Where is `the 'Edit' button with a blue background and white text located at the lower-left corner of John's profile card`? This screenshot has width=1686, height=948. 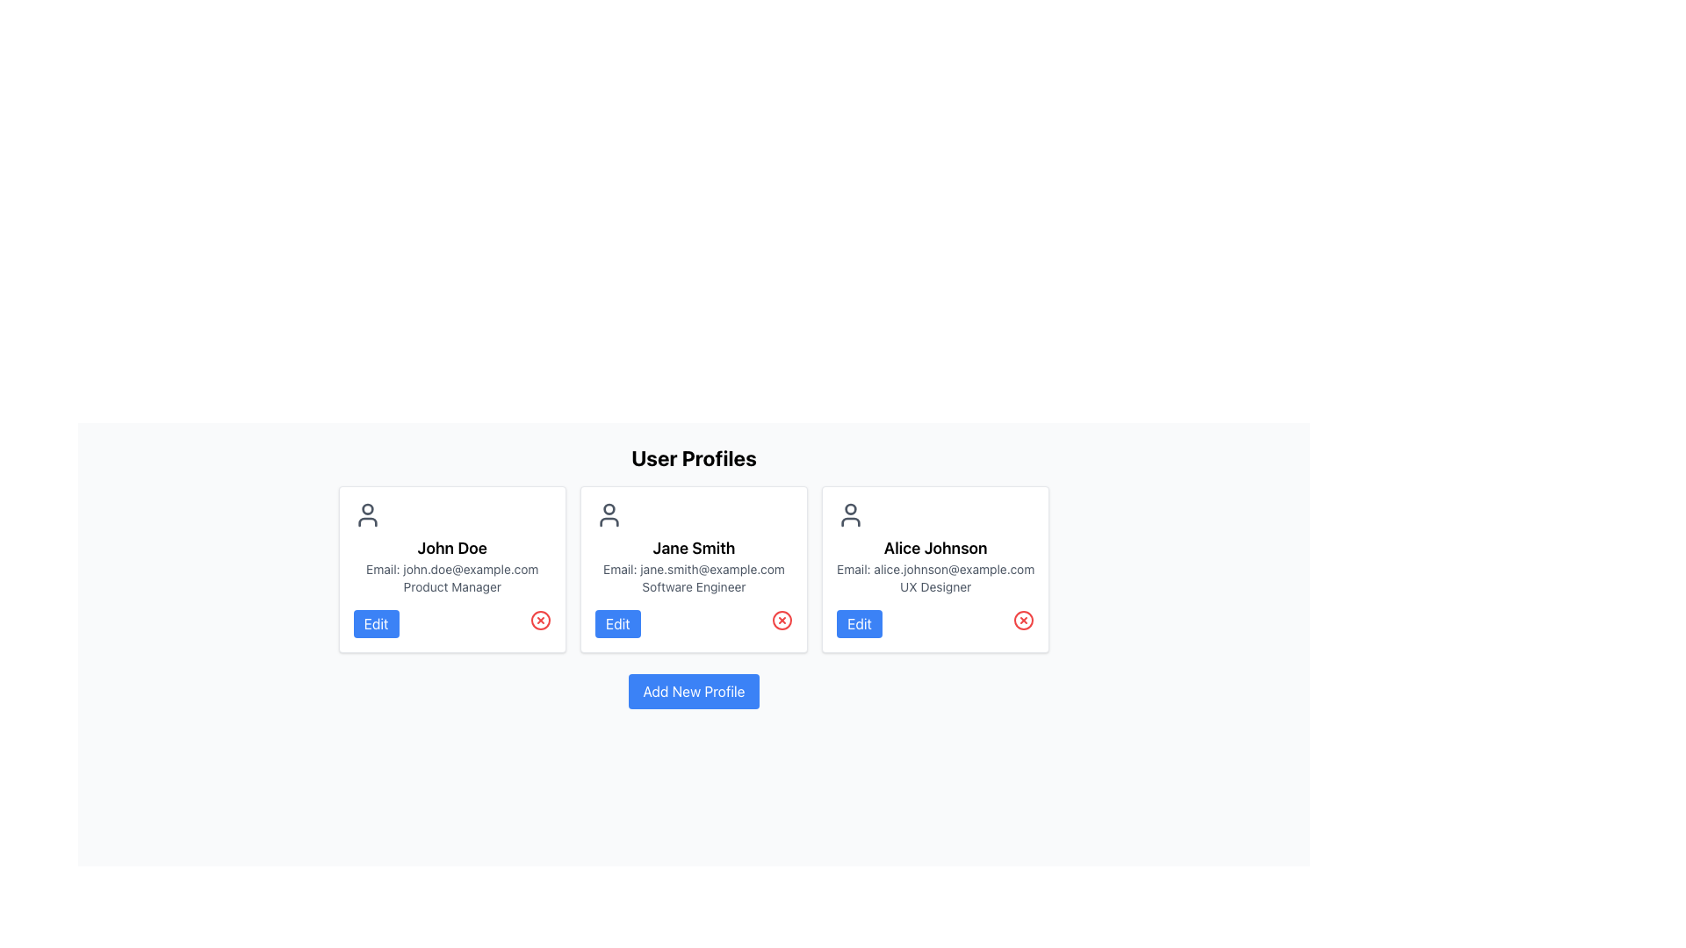
the 'Edit' button with a blue background and white text located at the lower-left corner of John's profile card is located at coordinates (375, 622).